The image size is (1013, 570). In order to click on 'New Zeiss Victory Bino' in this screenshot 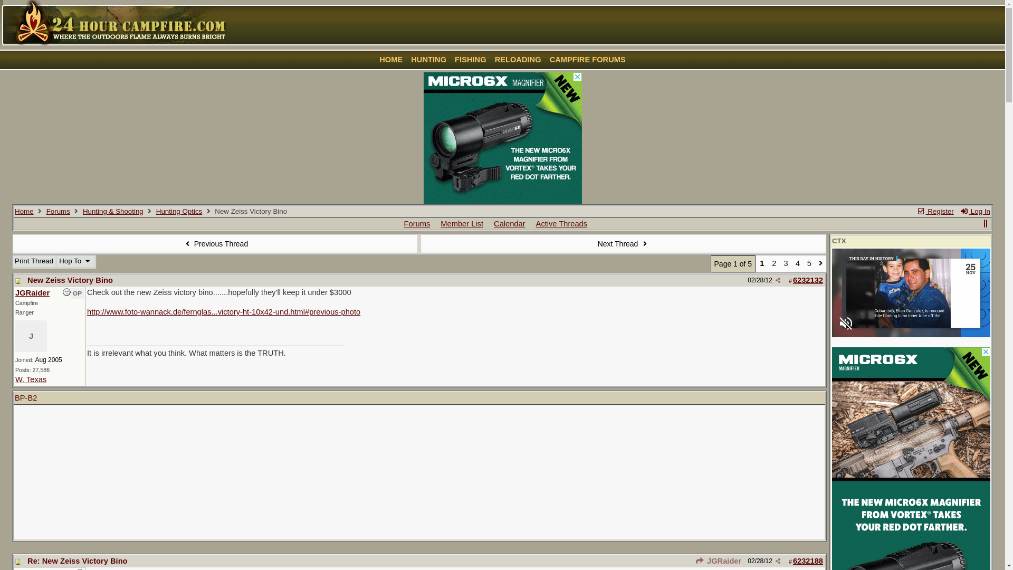, I will do `click(70, 280)`.